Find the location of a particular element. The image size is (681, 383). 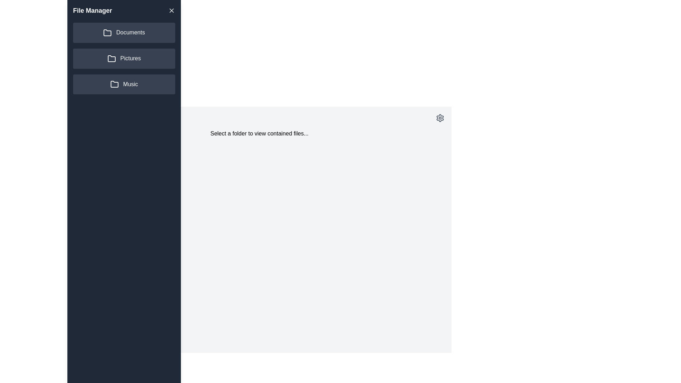

the folder Music from the side drawer is located at coordinates (124, 84).